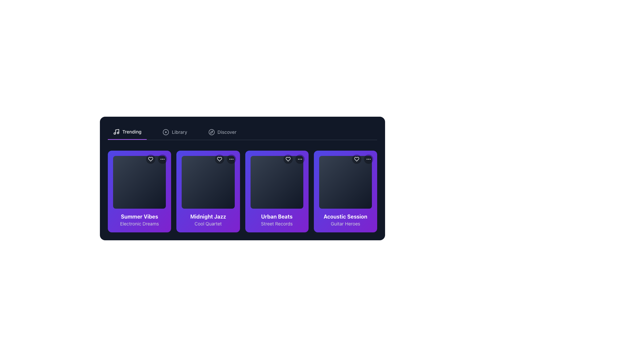 This screenshot has height=356, width=633. What do you see at coordinates (356, 159) in the screenshot?
I see `the heart-shaped icon in the upper right corner of the 'Acoustic Session' card` at bounding box center [356, 159].